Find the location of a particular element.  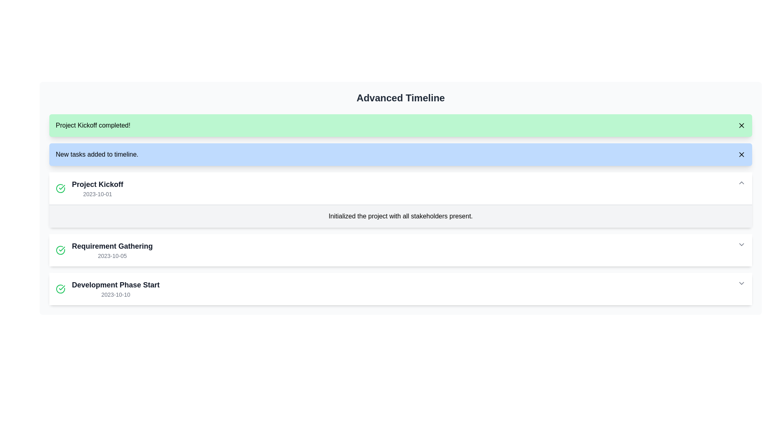

the text block titled 'Requirement Gathering' to understand the milestone is located at coordinates (112, 250).